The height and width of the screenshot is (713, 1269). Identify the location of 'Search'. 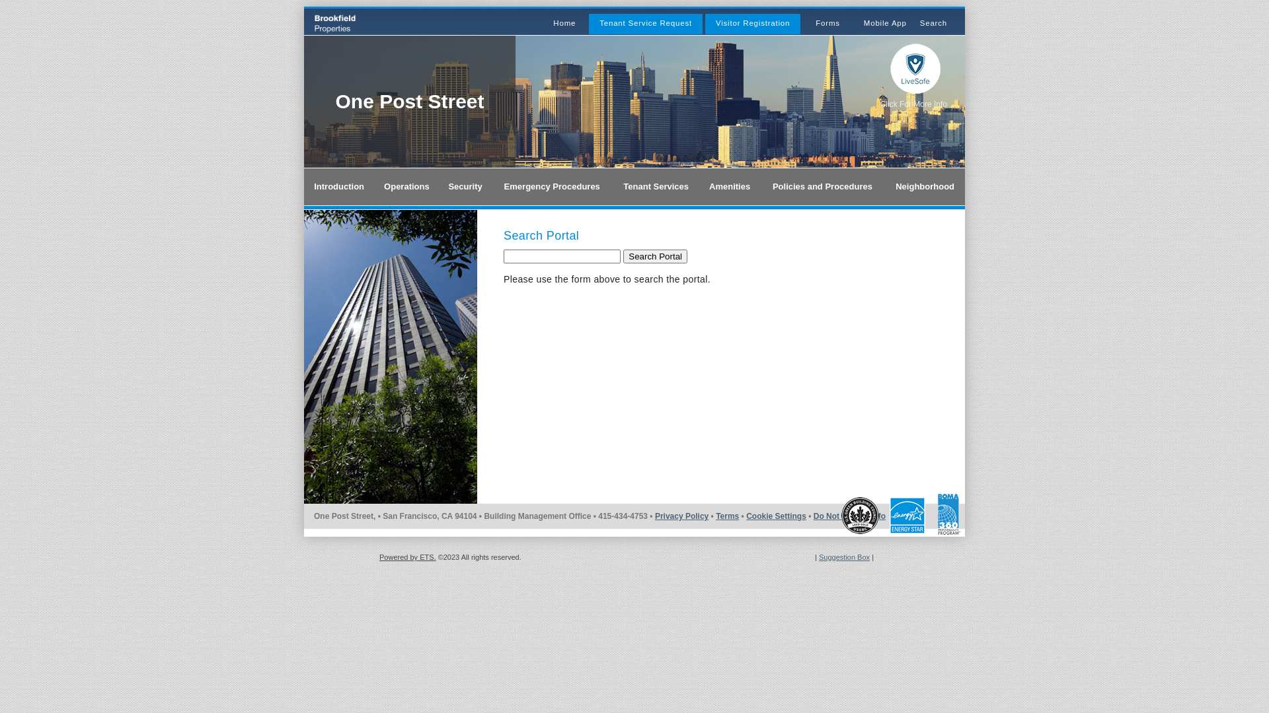
(933, 22).